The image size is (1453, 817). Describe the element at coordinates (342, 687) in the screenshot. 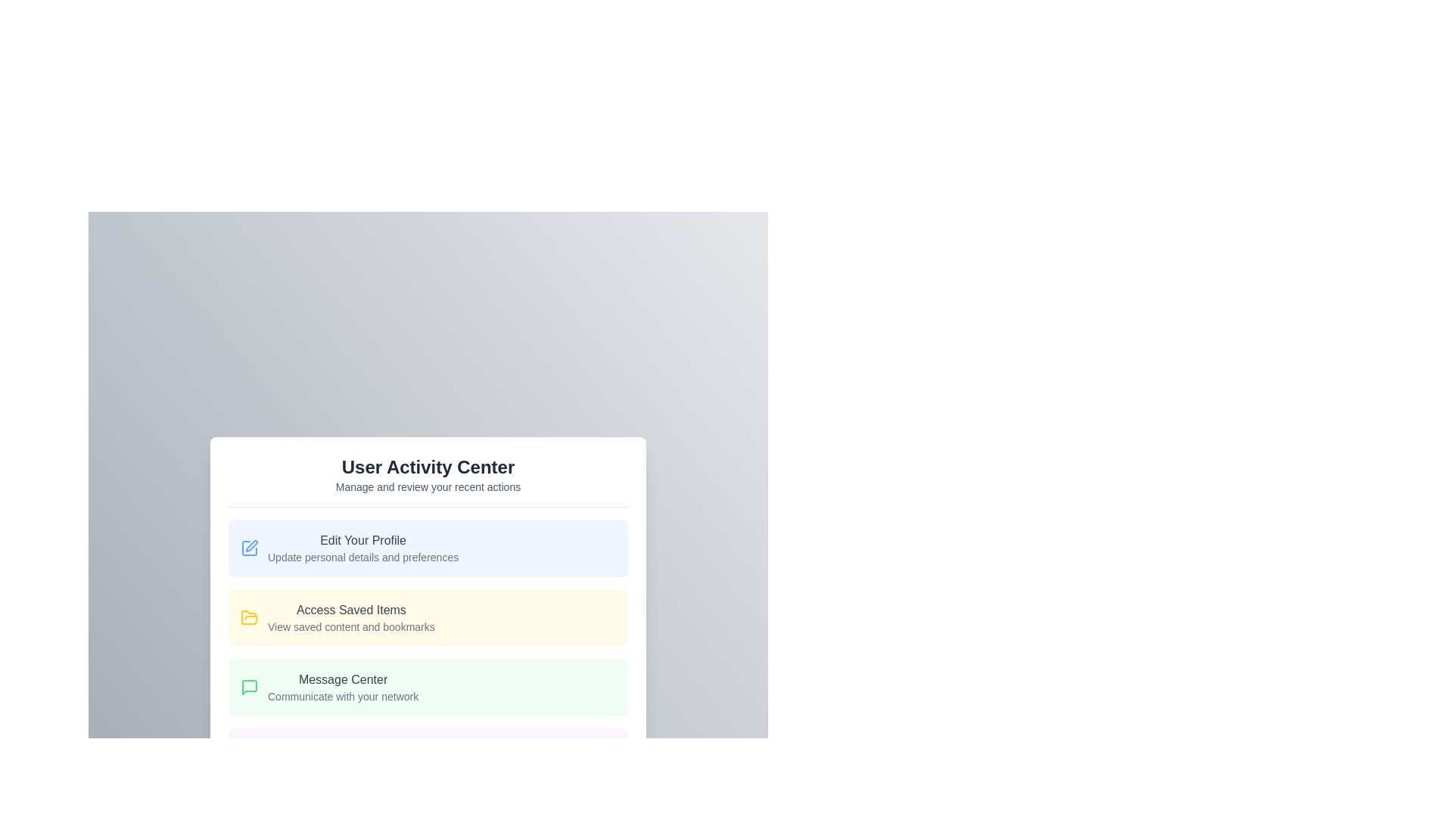

I see `informative text block titled 'Message Center' that describes 'Communicate with your network', located in the third row of the User Activity Center list` at that location.